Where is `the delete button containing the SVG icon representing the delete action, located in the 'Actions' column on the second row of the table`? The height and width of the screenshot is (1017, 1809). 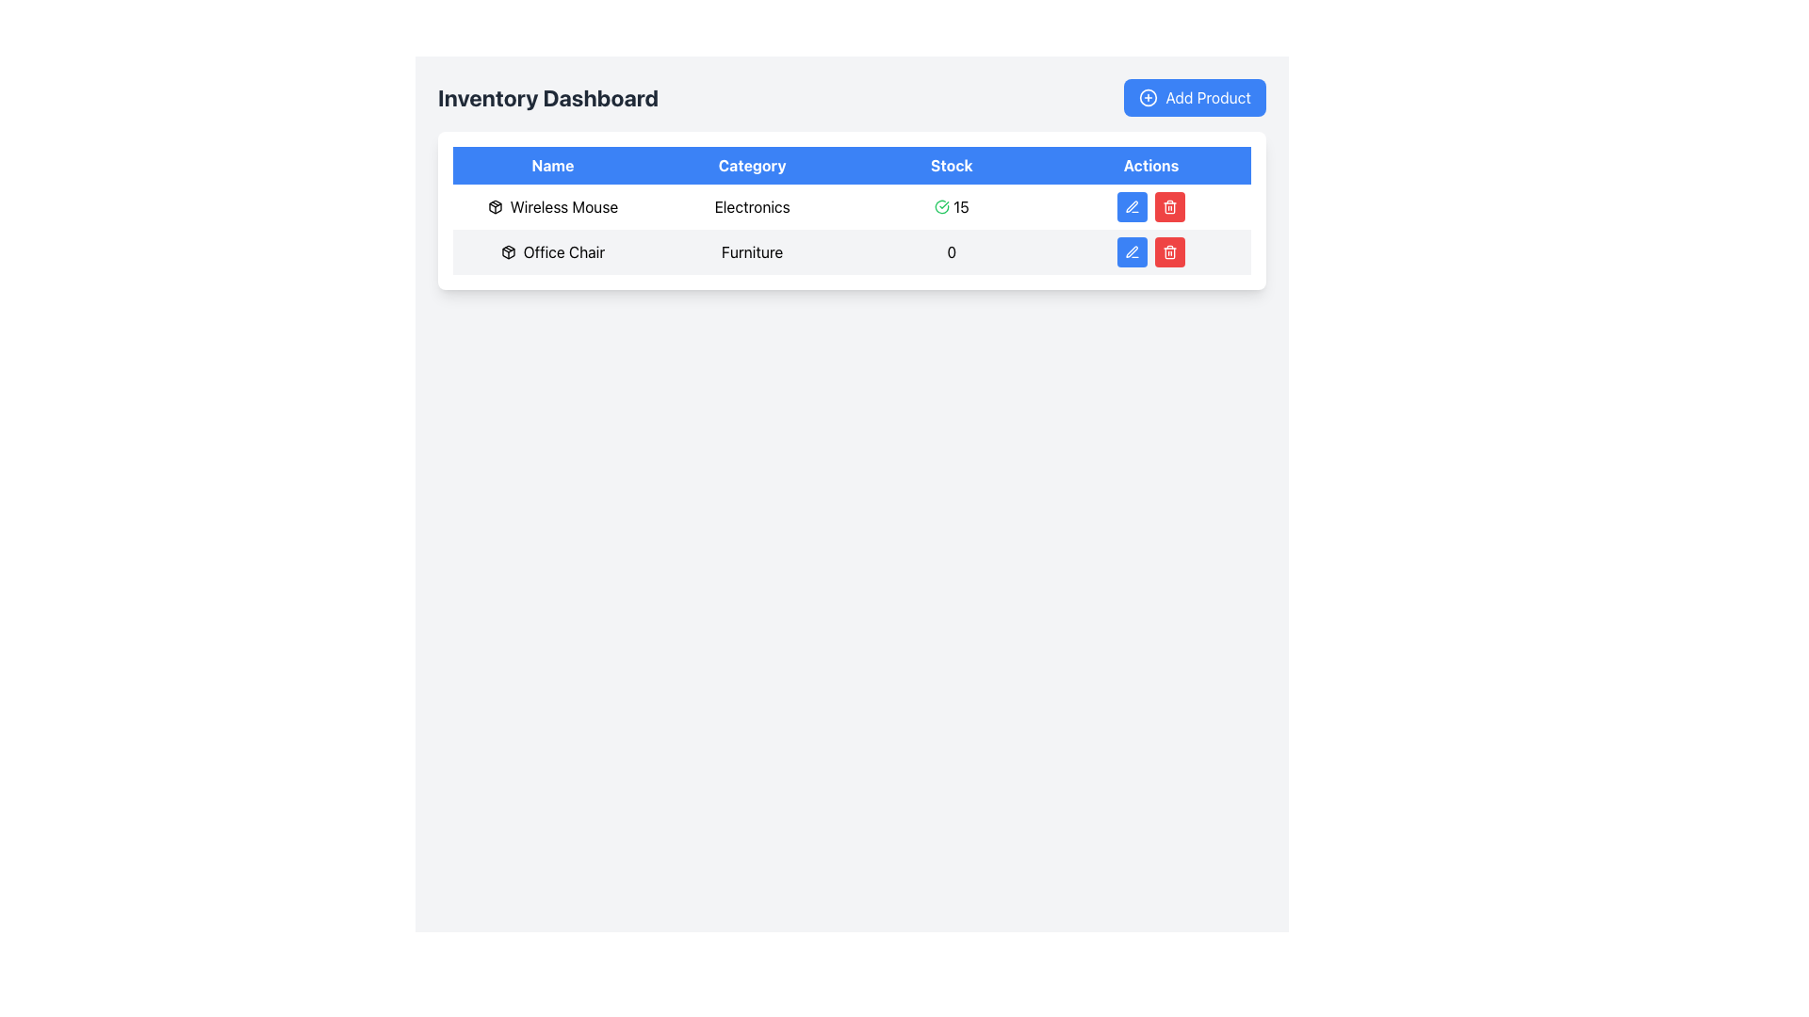 the delete button containing the SVG icon representing the delete action, located in the 'Actions' column on the second row of the table is located at coordinates (1169, 208).